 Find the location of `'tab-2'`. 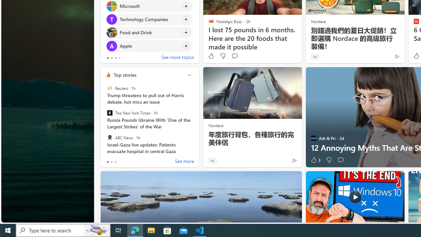

'tab-2' is located at coordinates (116, 162).